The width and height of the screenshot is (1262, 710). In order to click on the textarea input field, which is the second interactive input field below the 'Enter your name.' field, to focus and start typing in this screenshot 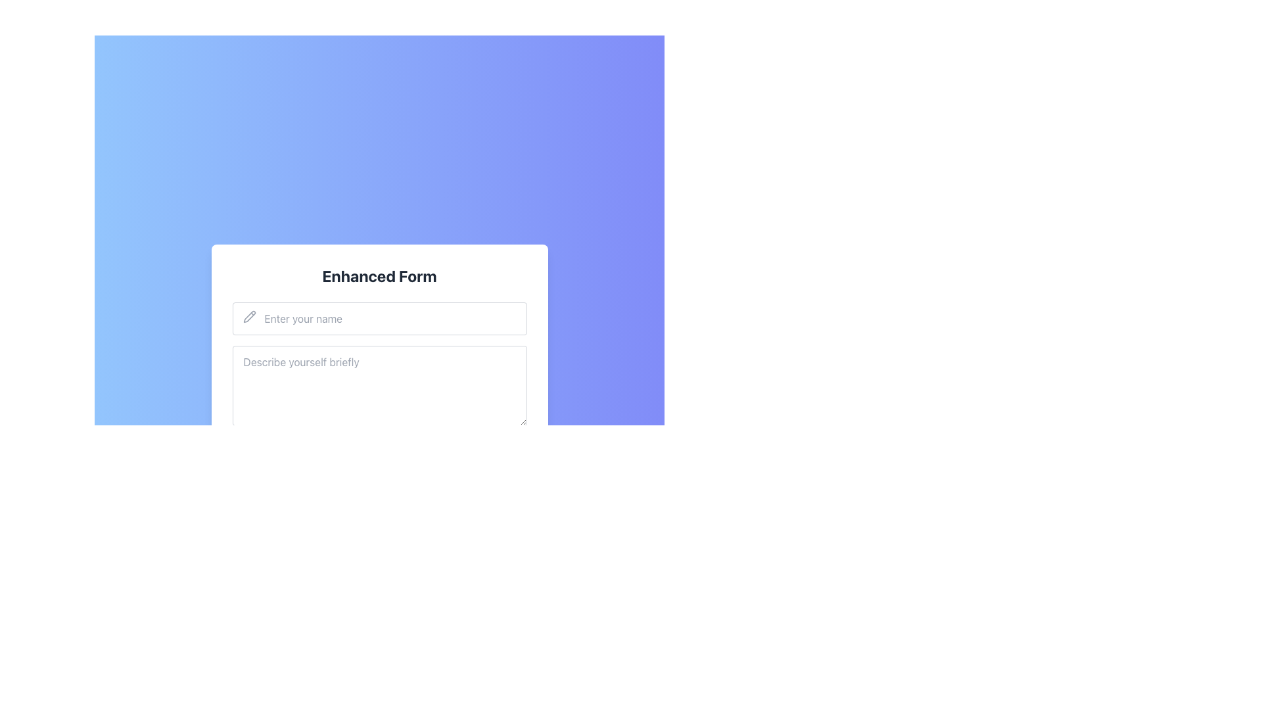, I will do `click(379, 387)`.